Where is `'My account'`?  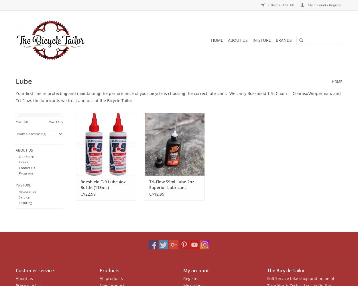
'My account' is located at coordinates (196, 270).